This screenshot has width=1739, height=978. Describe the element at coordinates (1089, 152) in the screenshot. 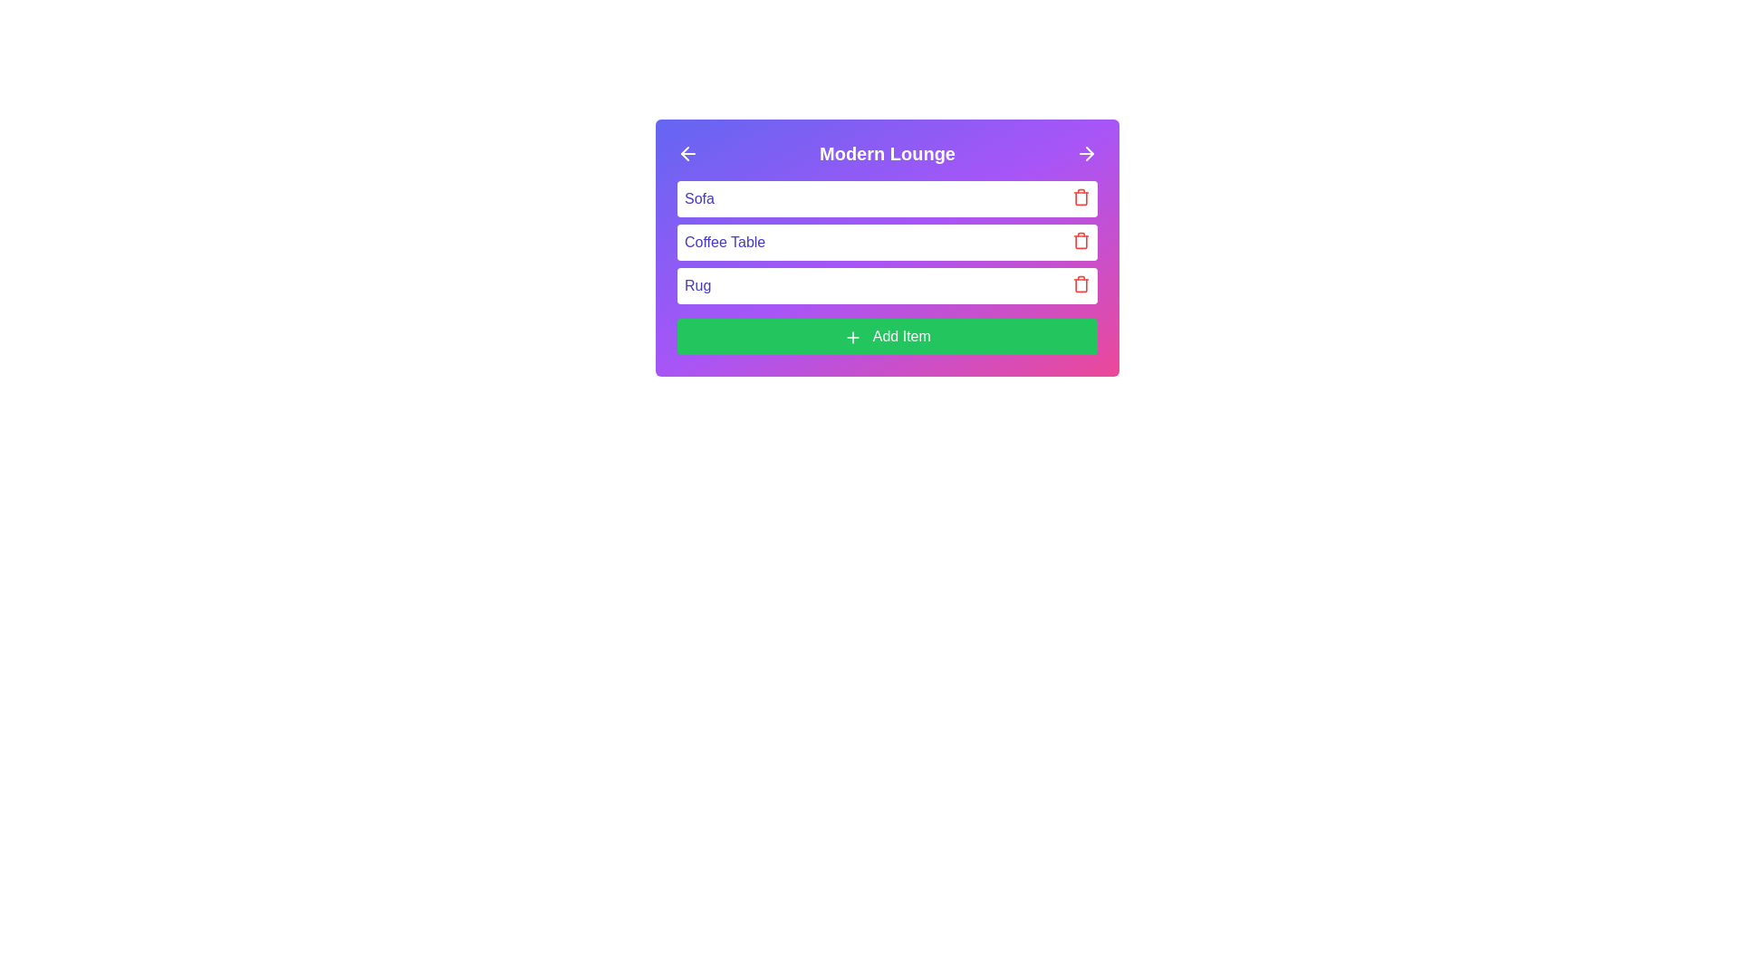

I see `the small rightward-pointing arrow icon located at the top-right corner of the modal component, adjacent to the header text` at that location.